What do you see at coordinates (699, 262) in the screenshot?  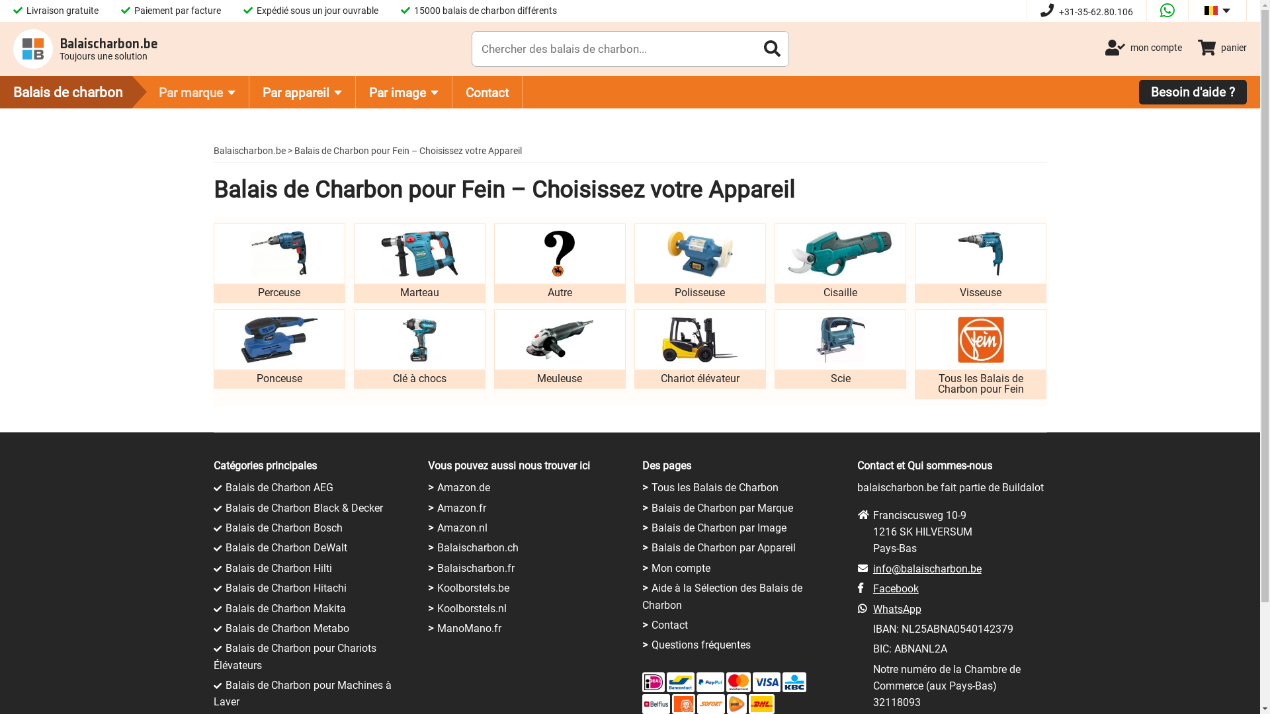 I see `'Polisseuse'` at bounding box center [699, 262].